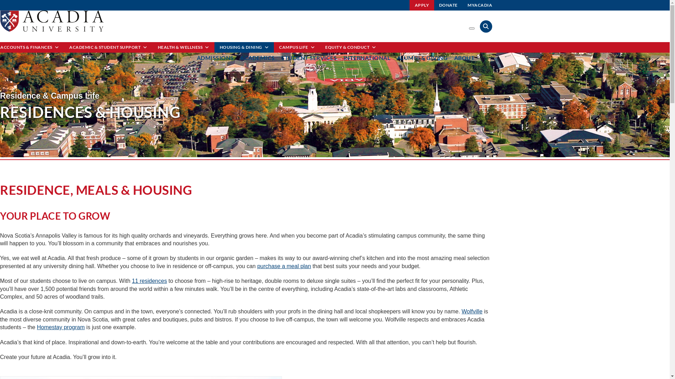 This screenshot has width=675, height=379. I want to click on 'APPLY', so click(422, 5).